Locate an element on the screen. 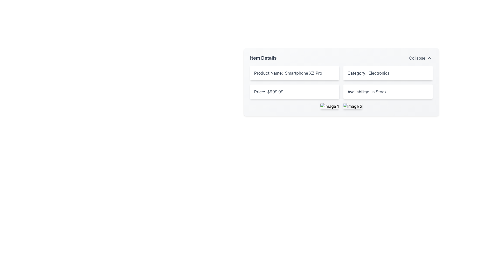  the first thumbnail image labeled 'Image 1' is located at coordinates (329, 106).